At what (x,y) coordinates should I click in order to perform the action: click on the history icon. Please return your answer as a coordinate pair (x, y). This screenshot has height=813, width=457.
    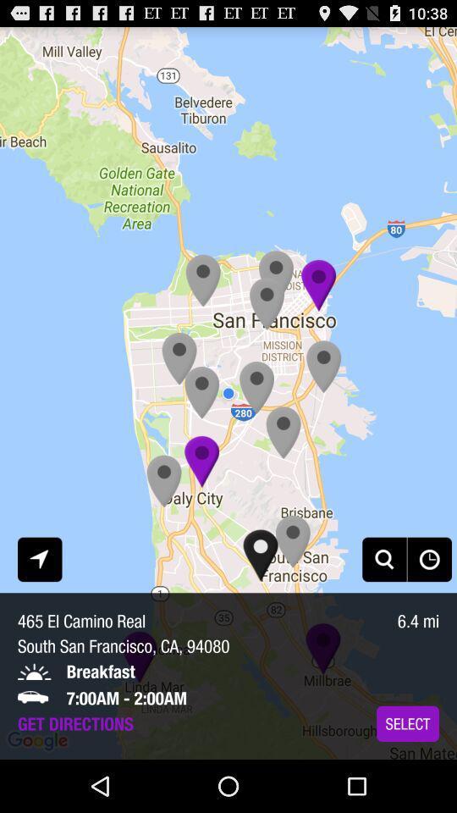
    Looking at the image, I should click on (429, 599).